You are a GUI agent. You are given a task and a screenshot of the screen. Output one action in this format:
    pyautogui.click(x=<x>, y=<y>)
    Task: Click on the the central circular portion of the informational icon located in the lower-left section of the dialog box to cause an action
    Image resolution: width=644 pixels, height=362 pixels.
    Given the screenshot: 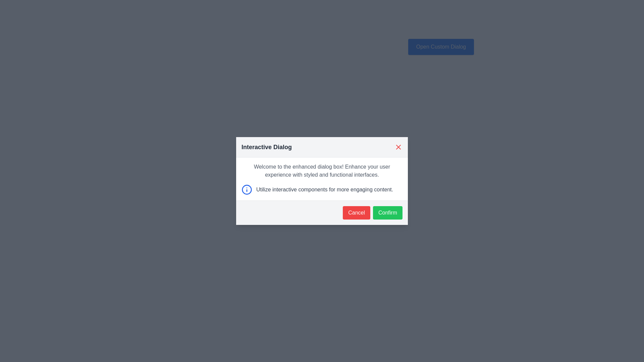 What is the action you would take?
    pyautogui.click(x=246, y=190)
    